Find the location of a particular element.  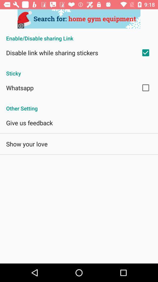

sticky is located at coordinates (79, 70).